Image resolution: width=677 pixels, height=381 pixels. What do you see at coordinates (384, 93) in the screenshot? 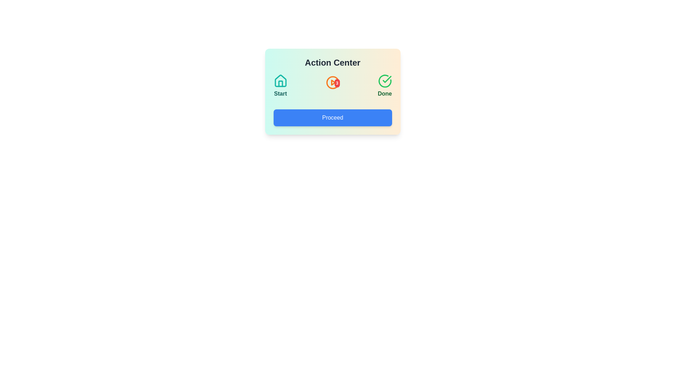
I see `the non-interactive text label indicating the status 'Done', which is located beneath a green checkmark icon in the top-right quadrant of the interface` at bounding box center [384, 93].